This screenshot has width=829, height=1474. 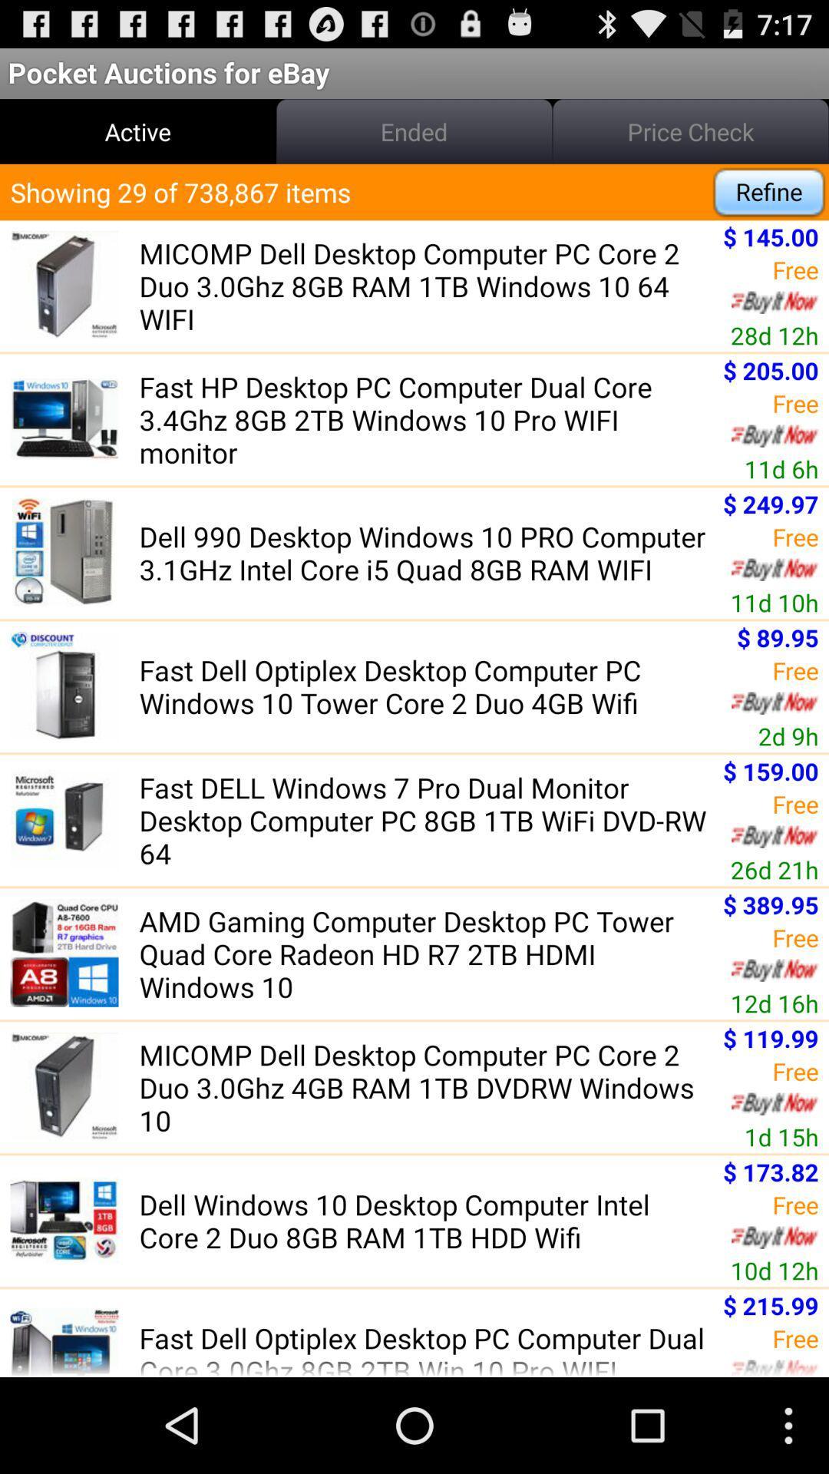 I want to click on amd gaming computer, so click(x=426, y=953).